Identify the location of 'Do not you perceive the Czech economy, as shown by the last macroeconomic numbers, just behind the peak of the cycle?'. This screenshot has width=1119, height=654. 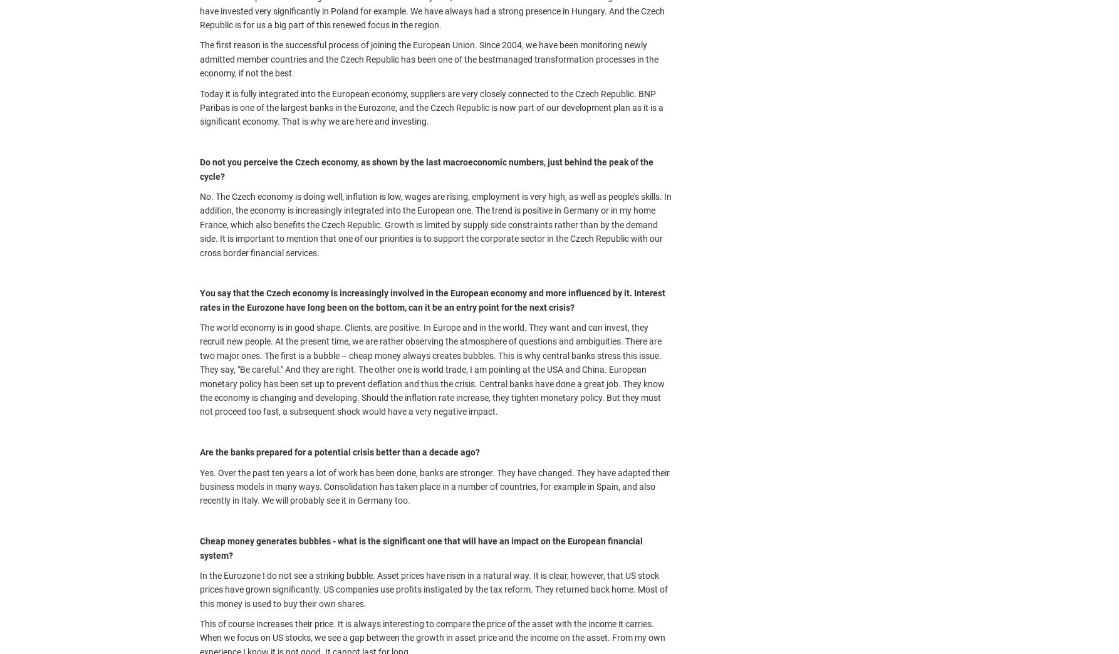
(427, 168).